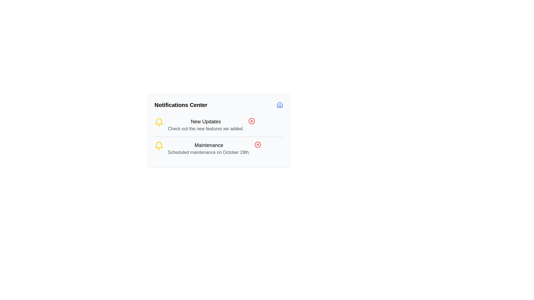  What do you see at coordinates (280, 105) in the screenshot?
I see `the blue house icon located at the far-right side of the Notifications Center section header` at bounding box center [280, 105].